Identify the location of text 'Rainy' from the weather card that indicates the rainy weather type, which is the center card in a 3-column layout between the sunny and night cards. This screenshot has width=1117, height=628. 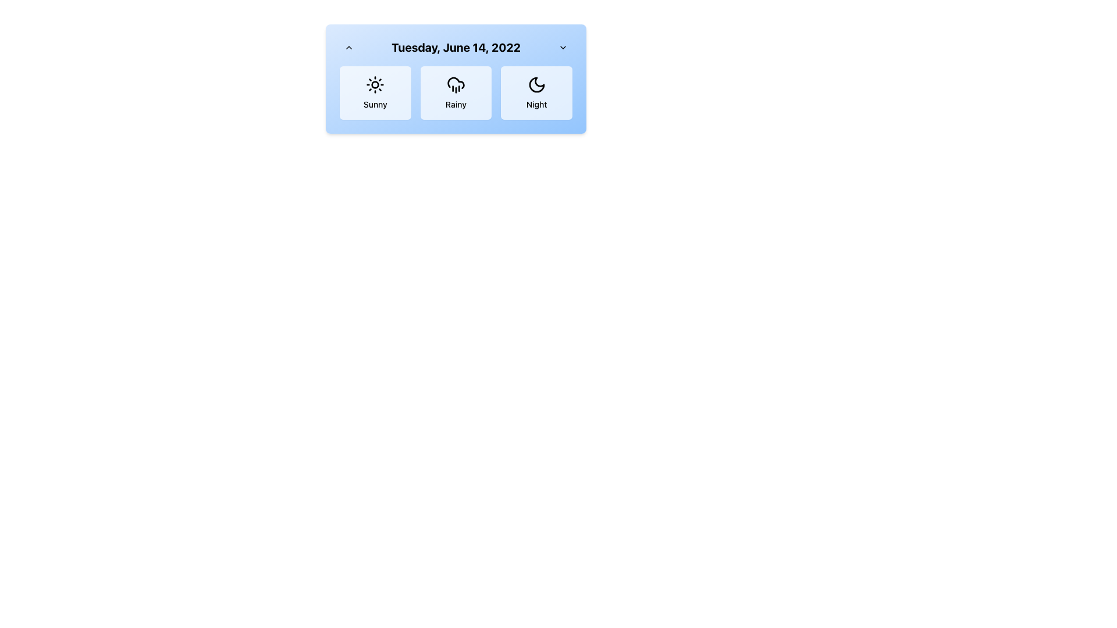
(455, 92).